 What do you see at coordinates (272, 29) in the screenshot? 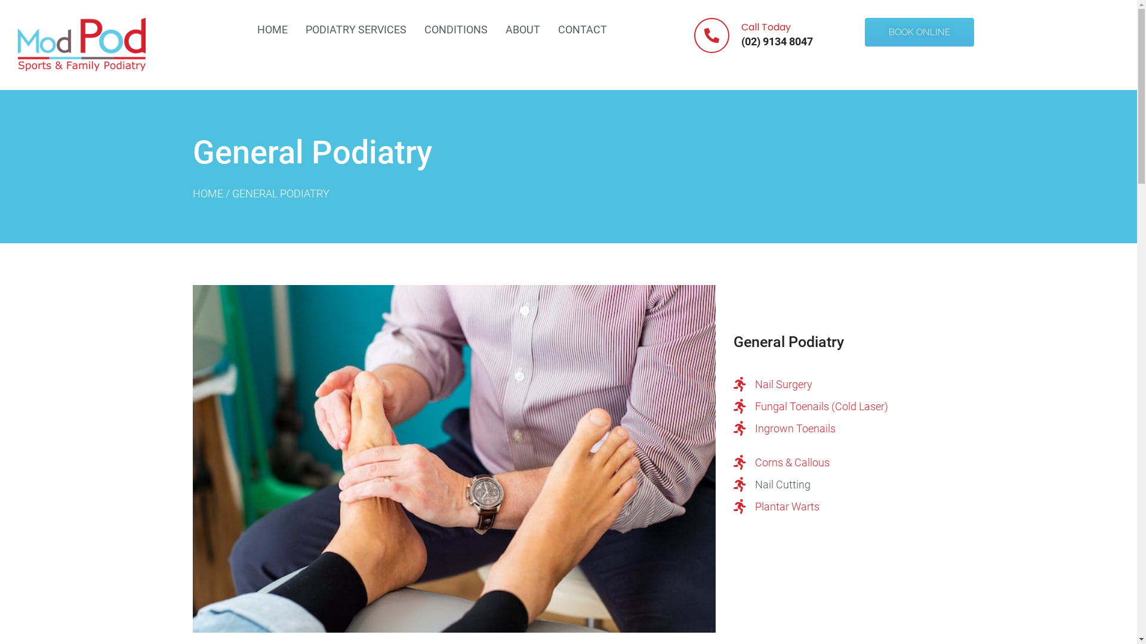
I see `'HOME'` at bounding box center [272, 29].